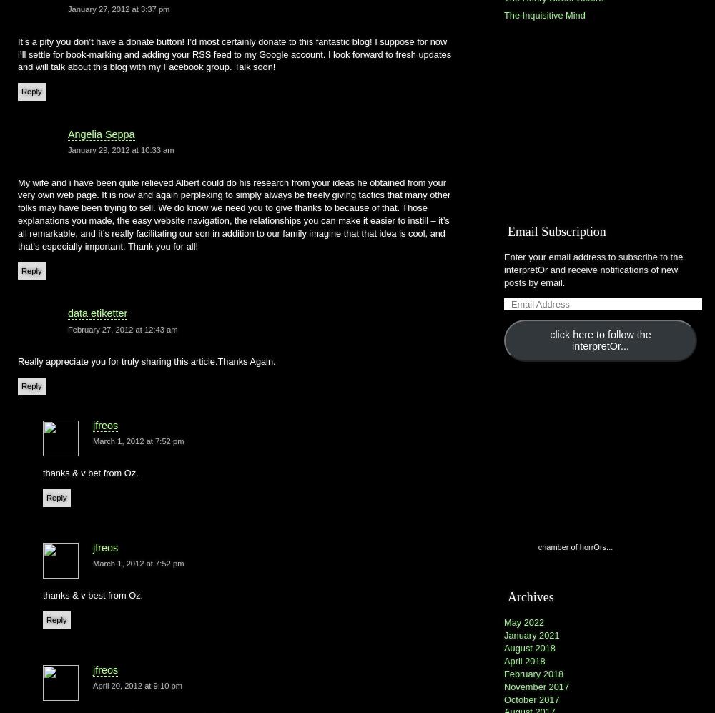 This screenshot has width=715, height=713. What do you see at coordinates (119, 9) in the screenshot?
I see `'January 27, 2012 at 3:37 pm'` at bounding box center [119, 9].